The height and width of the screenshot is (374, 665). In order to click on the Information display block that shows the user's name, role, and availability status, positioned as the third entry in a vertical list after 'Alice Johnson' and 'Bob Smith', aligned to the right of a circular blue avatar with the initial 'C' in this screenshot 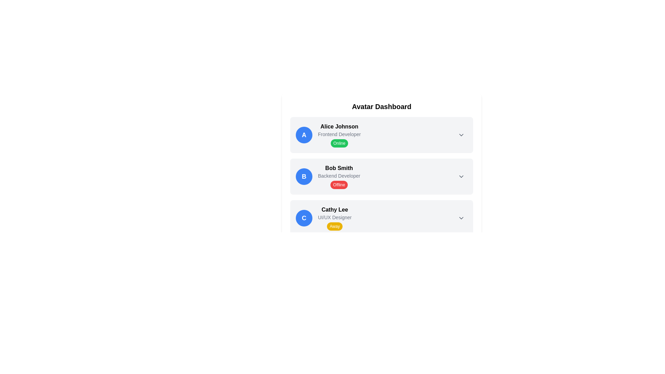, I will do `click(335, 217)`.